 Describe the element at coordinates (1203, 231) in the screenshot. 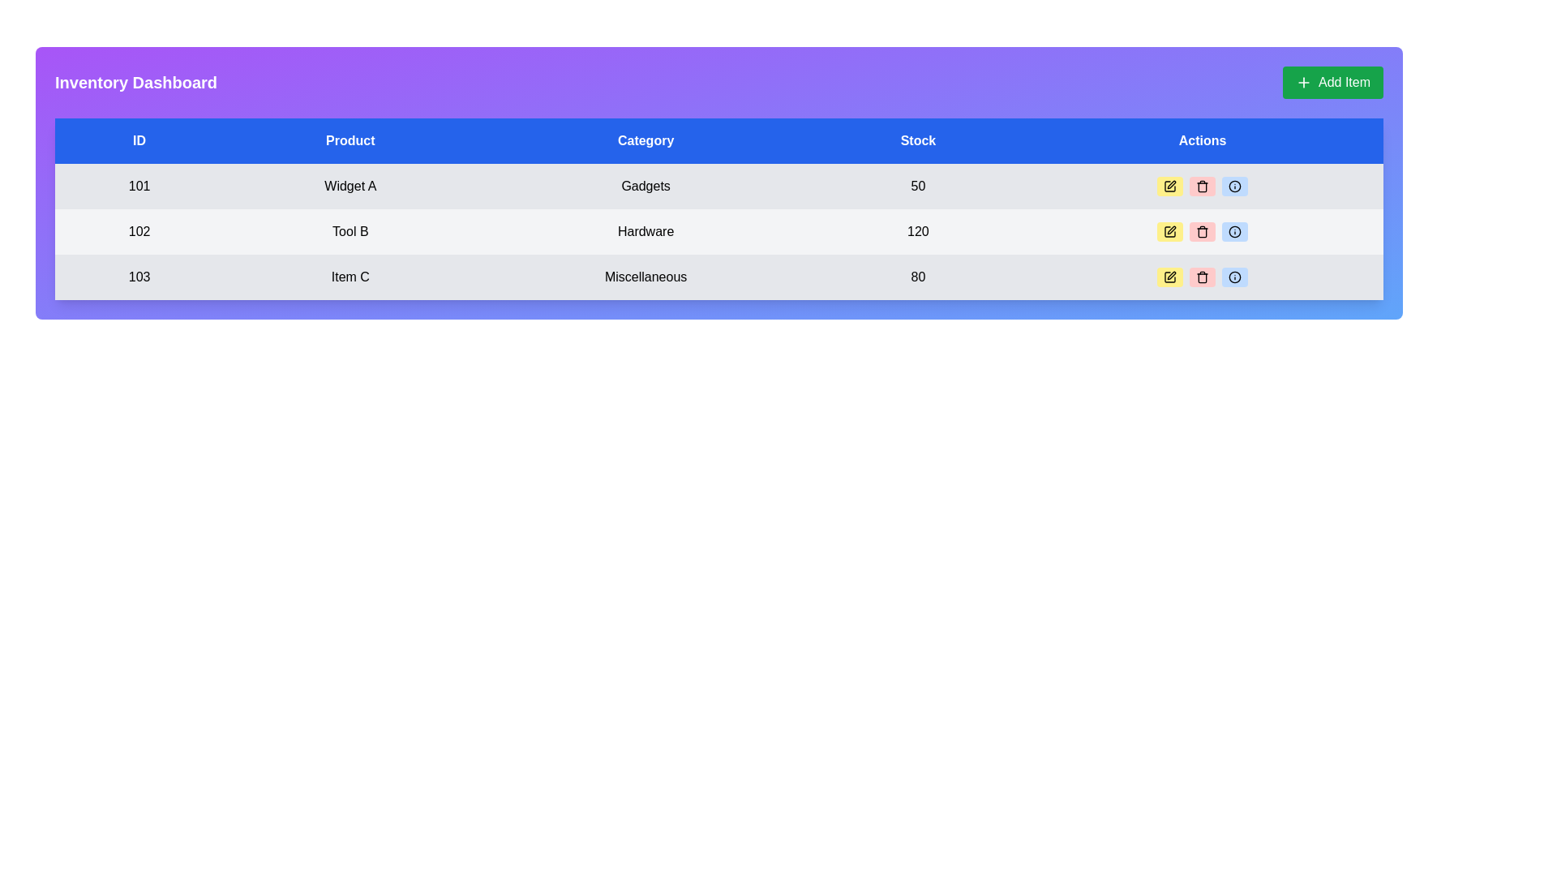

I see `the trash bin icon located within the delete button in the 'Actions' column of the second row of the data table for product 'Tool B'` at that location.